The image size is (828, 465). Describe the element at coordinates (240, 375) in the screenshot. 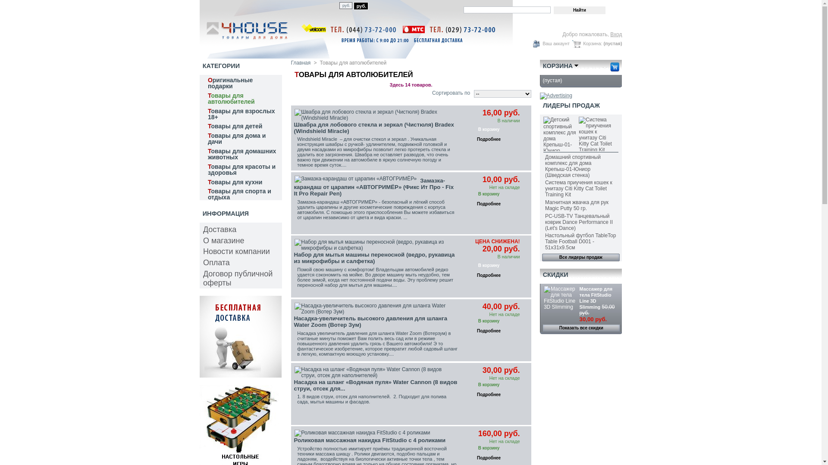

I see `'Advertising'` at that location.